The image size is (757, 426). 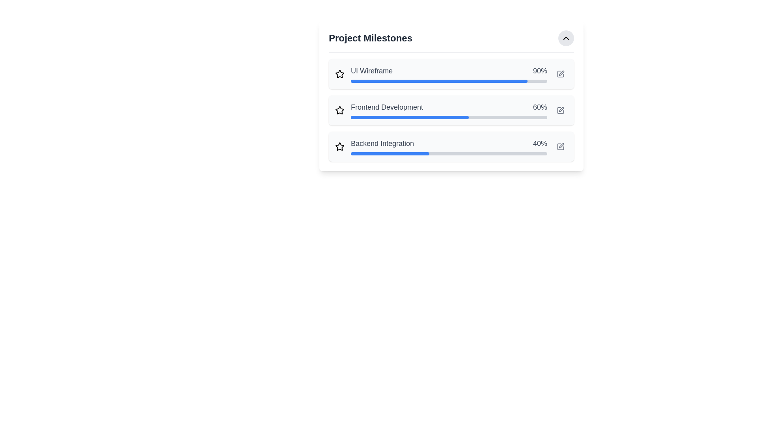 I want to click on the vector icon styled as a pen tool, located to the right of the 'Backend Integration' milestone entry, so click(x=561, y=146).